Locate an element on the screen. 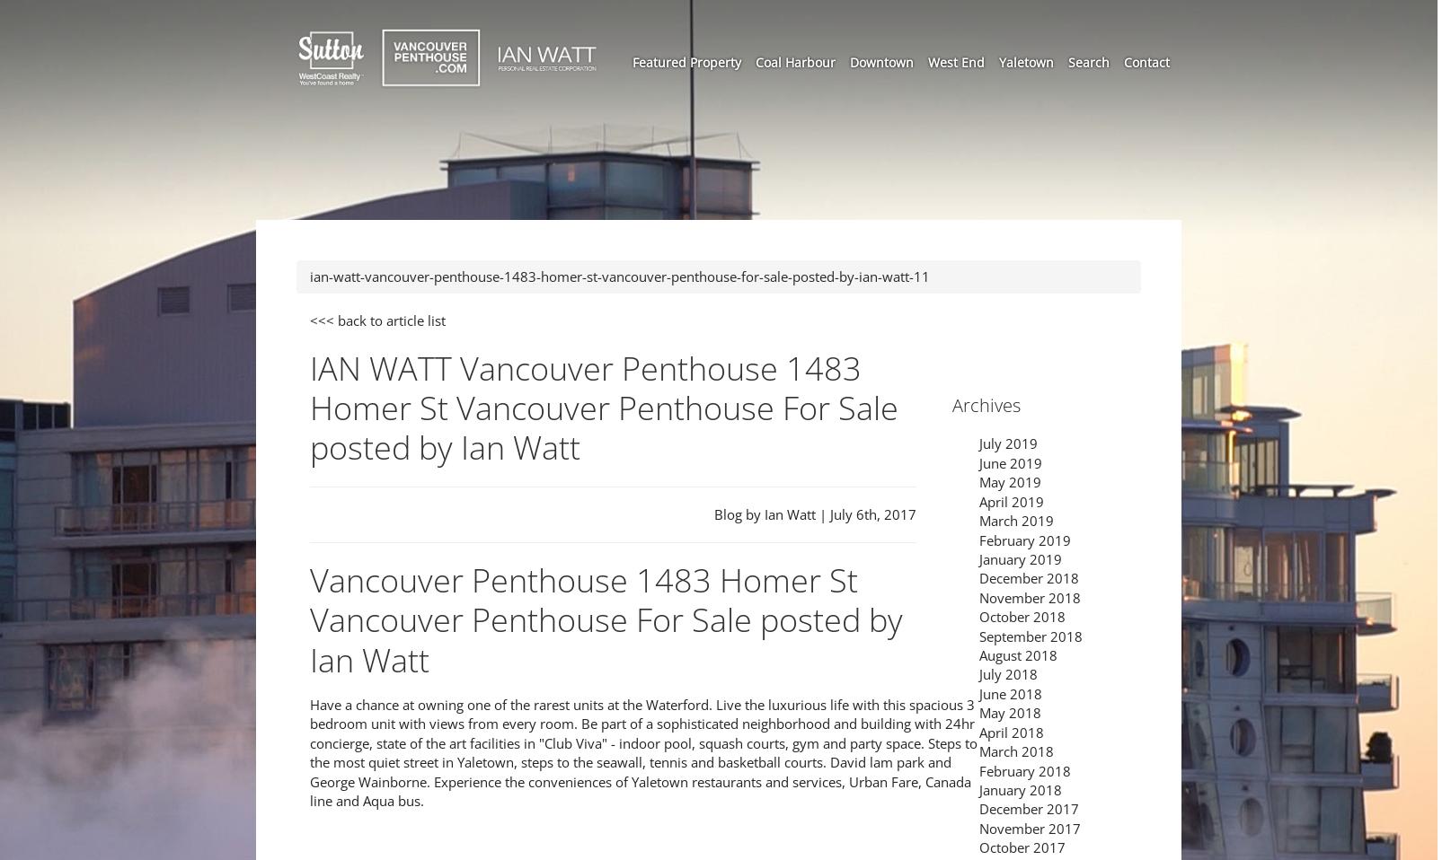  'November 2018' is located at coordinates (1030, 596).